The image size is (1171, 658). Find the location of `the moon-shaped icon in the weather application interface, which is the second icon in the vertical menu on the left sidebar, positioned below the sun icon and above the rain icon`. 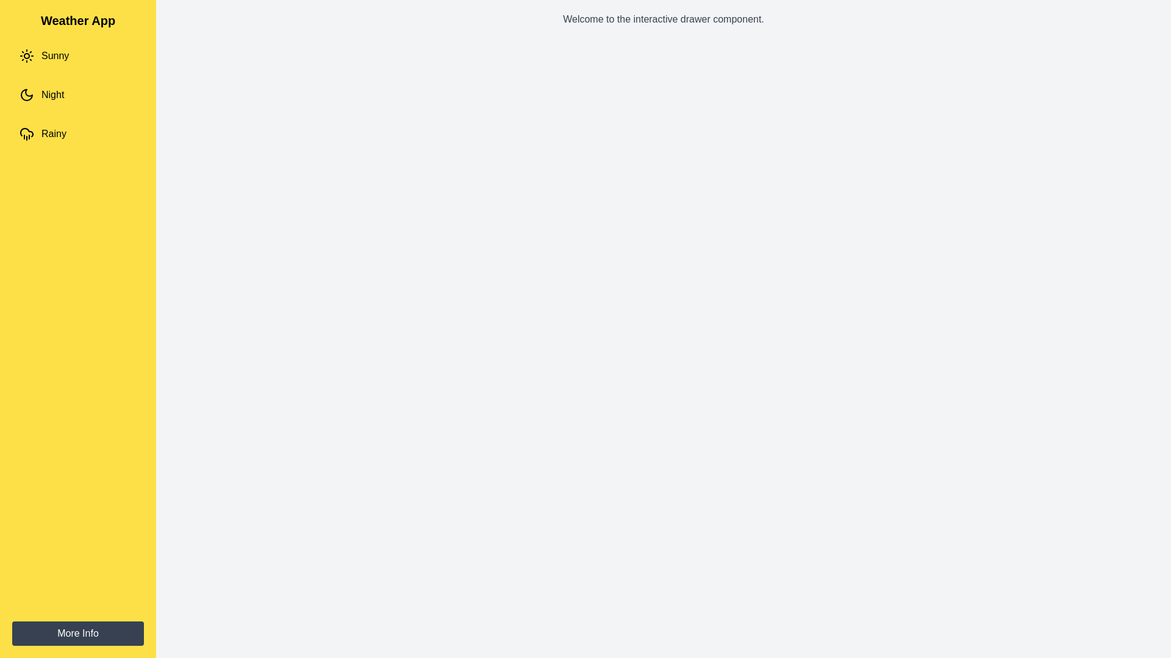

the moon-shaped icon in the weather application interface, which is the second icon in the vertical menu on the left sidebar, positioned below the sun icon and above the rain icon is located at coordinates (26, 94).